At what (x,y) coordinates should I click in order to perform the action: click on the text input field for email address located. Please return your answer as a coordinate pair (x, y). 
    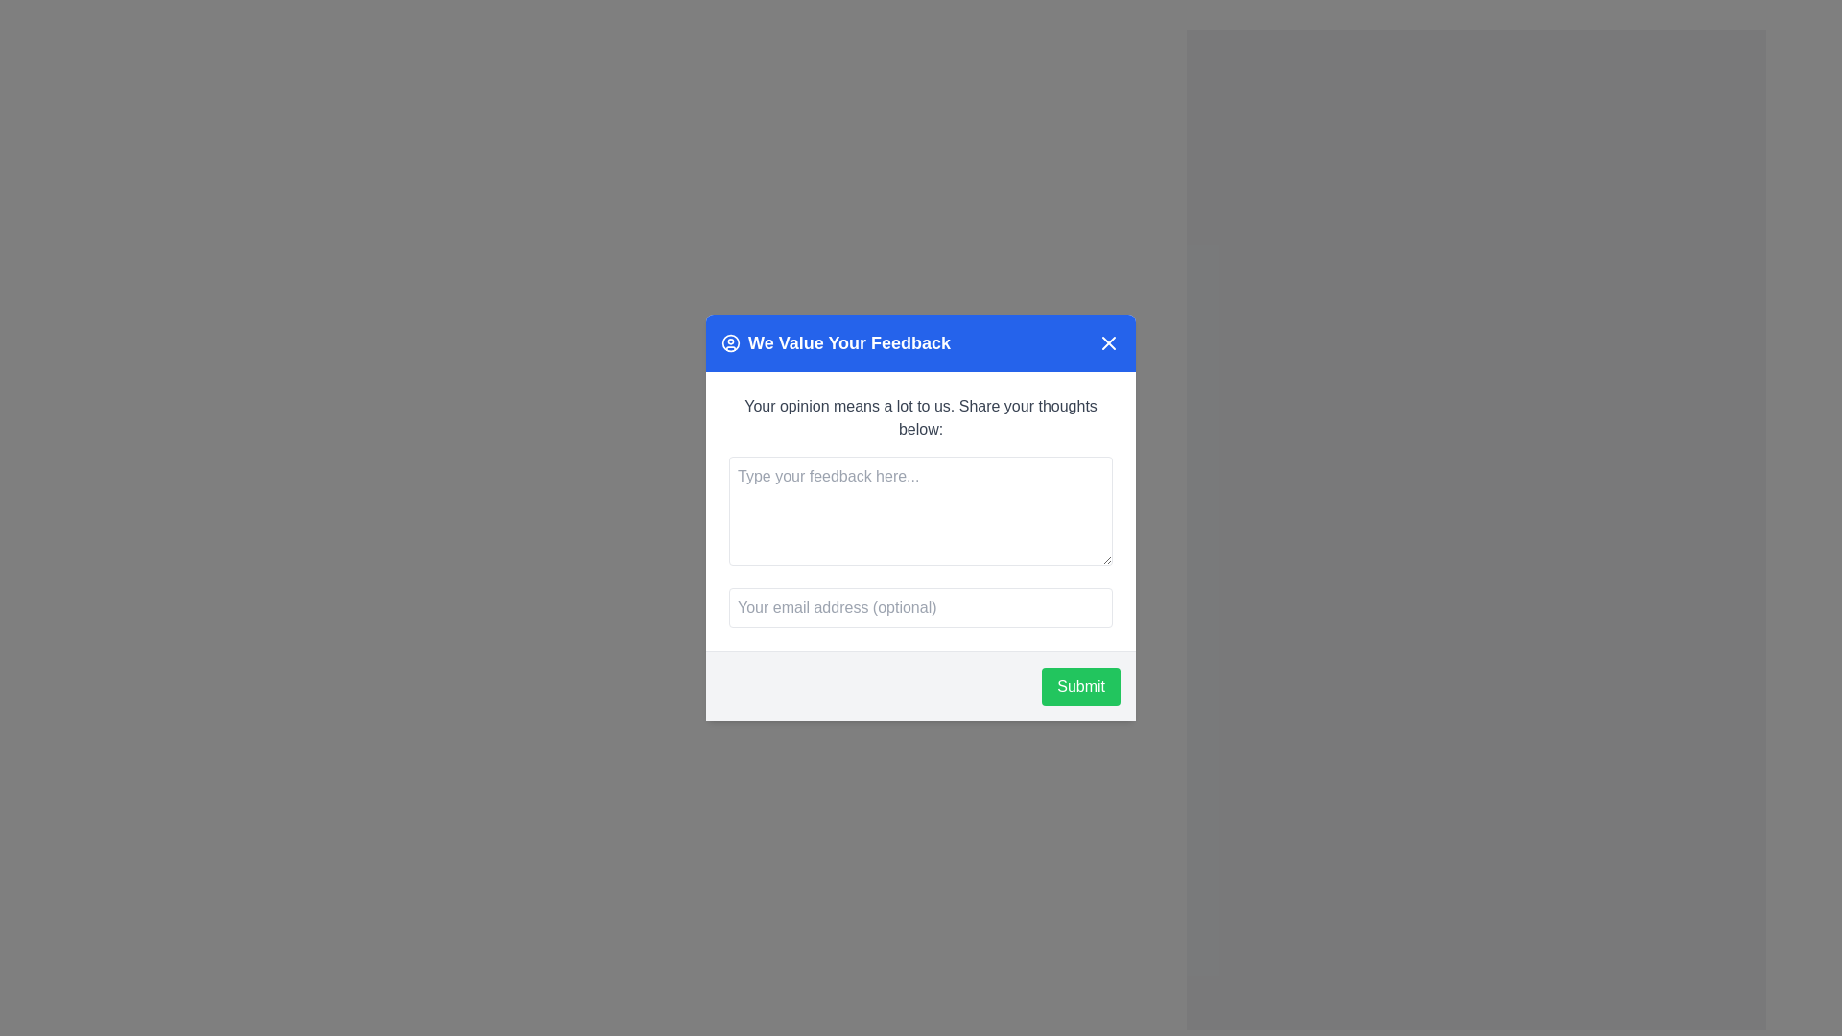
    Looking at the image, I should click on (921, 607).